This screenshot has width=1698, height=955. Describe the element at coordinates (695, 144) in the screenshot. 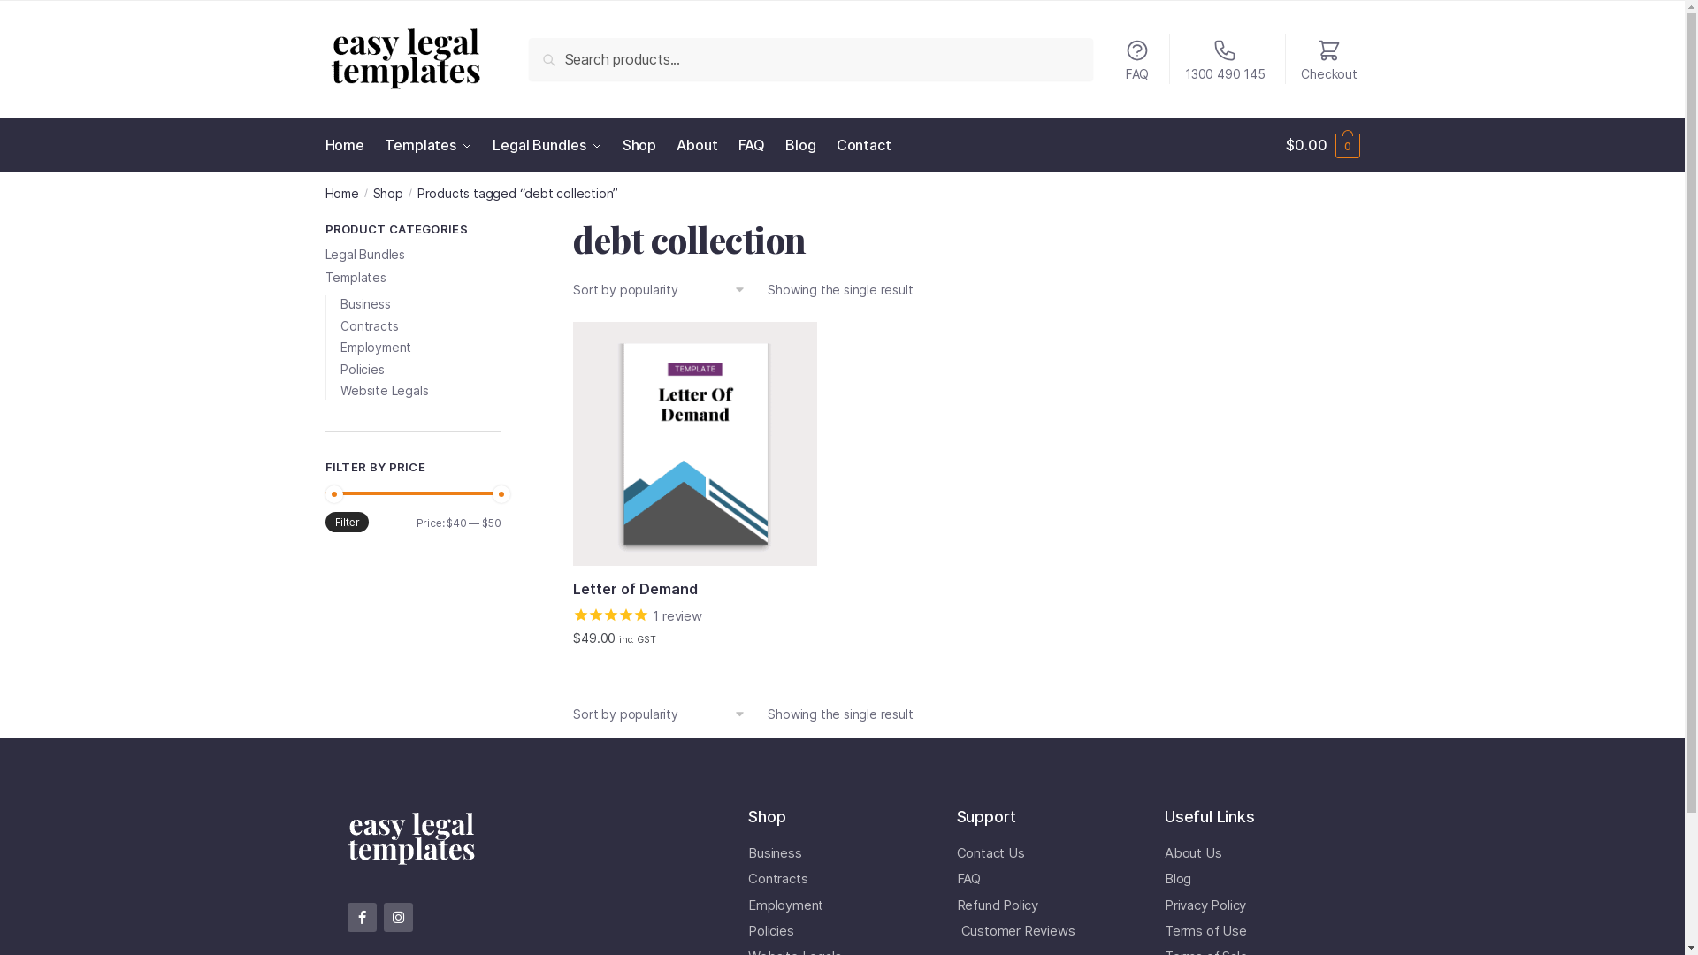

I see `'About'` at that location.